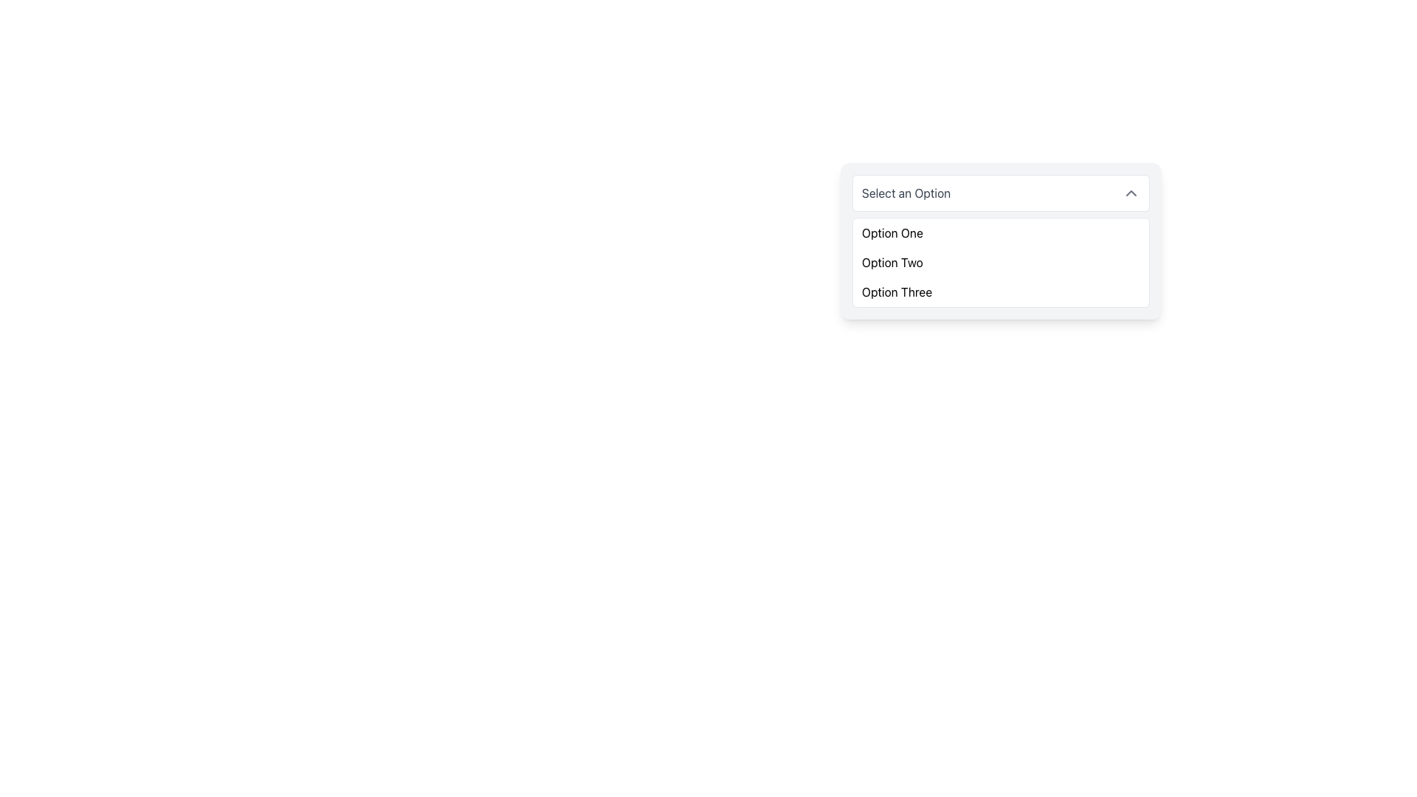  I want to click on the text label displaying 'Option Two', so click(892, 261).